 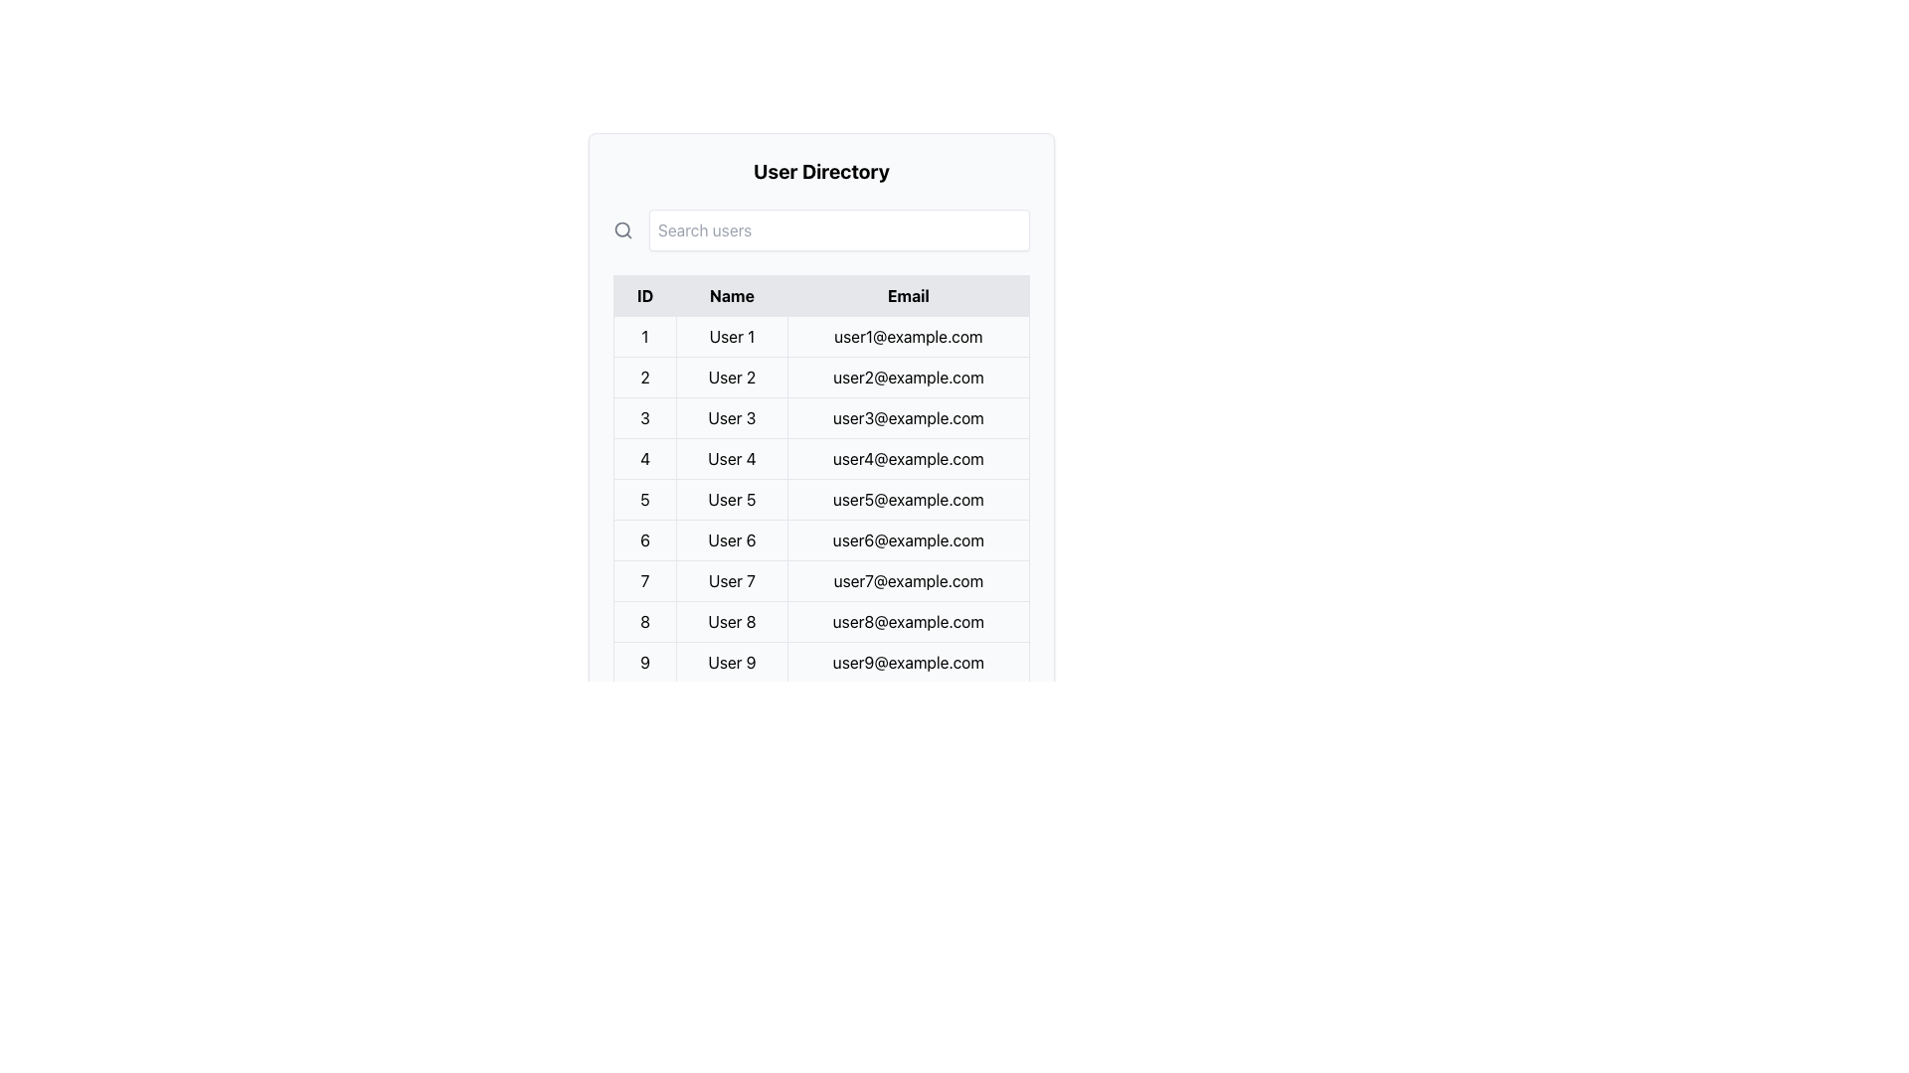 What do you see at coordinates (644, 336) in the screenshot?
I see `the table cell representing the unique identifier for the first user in the directory list, located in the first column of the first row under the 'ID' header` at bounding box center [644, 336].